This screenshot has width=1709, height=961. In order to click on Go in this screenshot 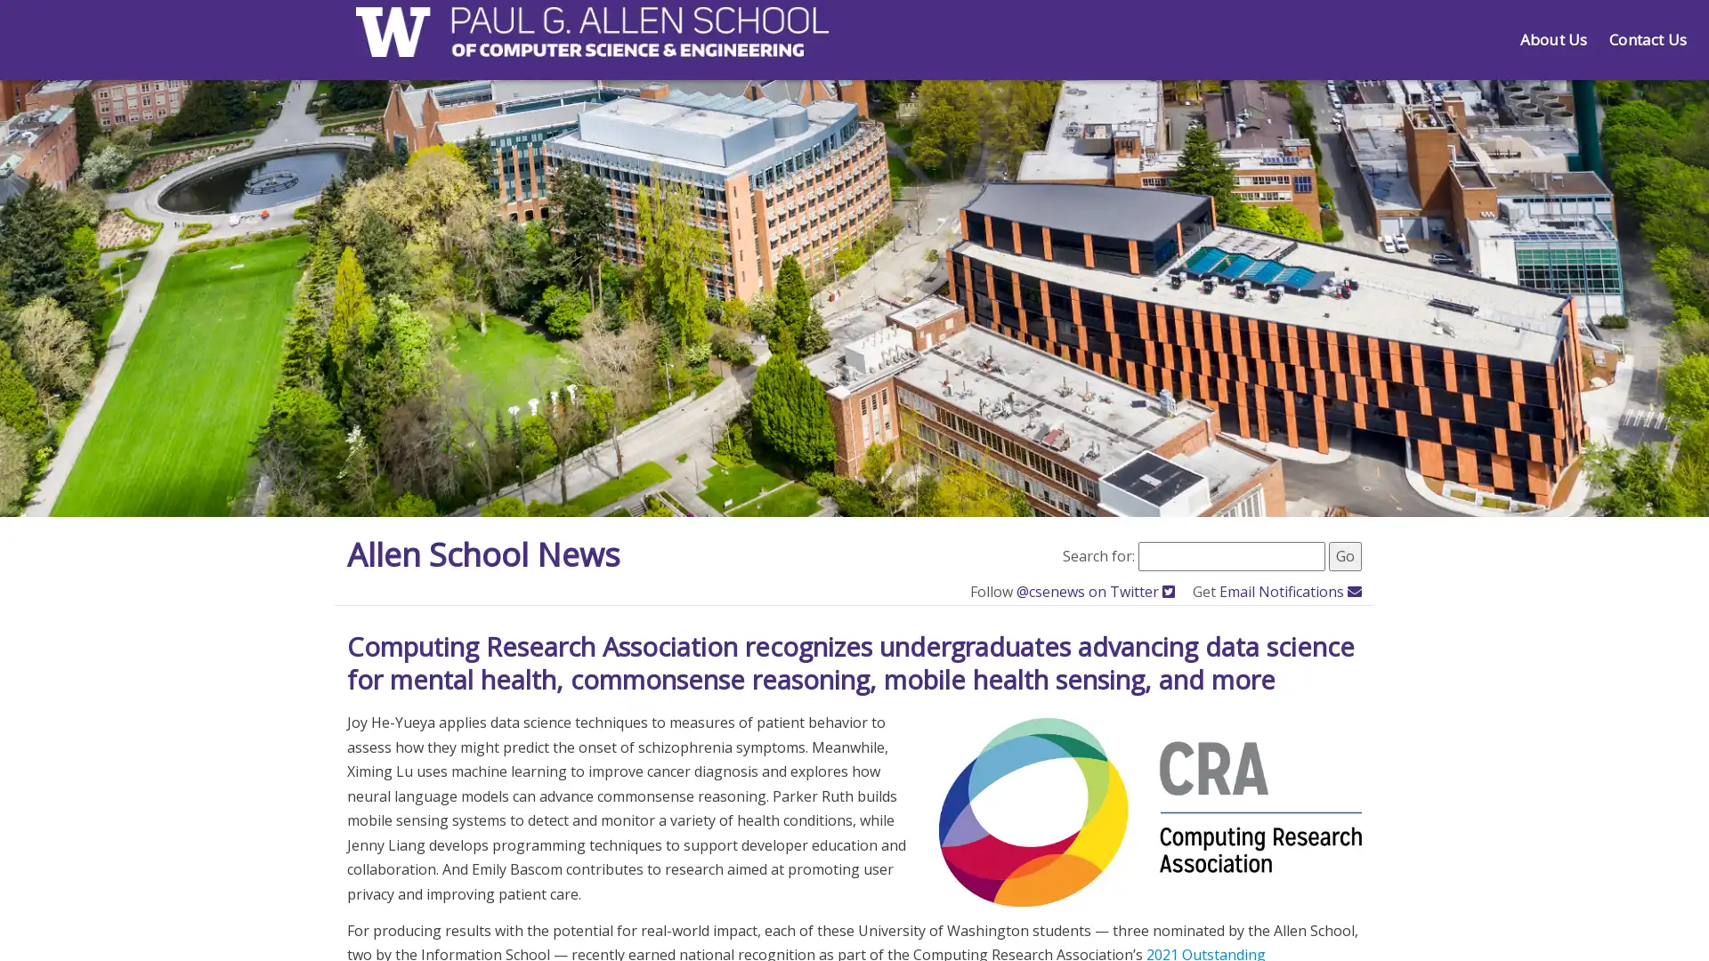, I will do `click(1345, 554)`.